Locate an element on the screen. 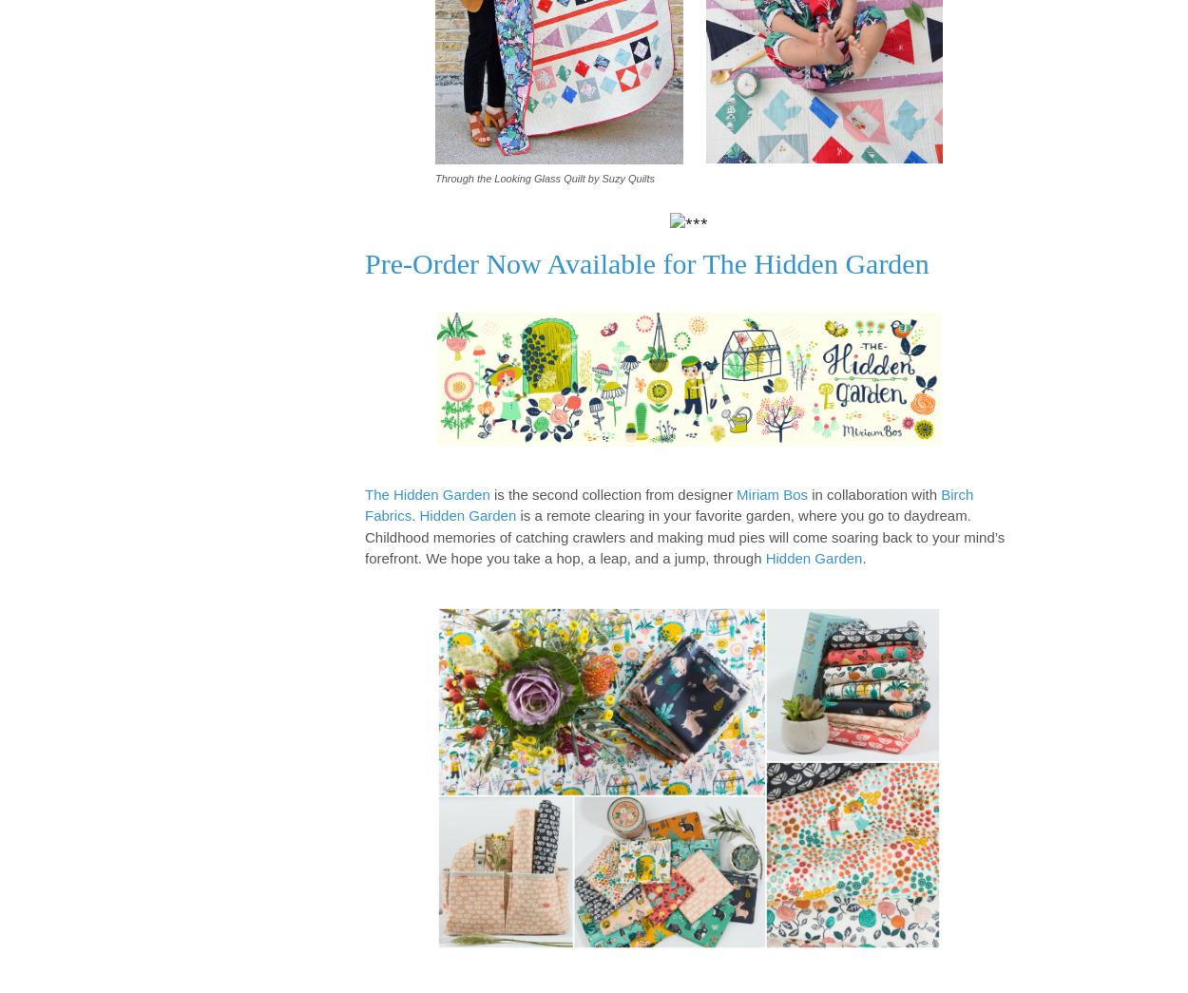 Image resolution: width=1188 pixels, height=993 pixels. 'Pre-Order Now Available for The Hidden Garden' is located at coordinates (646, 262).